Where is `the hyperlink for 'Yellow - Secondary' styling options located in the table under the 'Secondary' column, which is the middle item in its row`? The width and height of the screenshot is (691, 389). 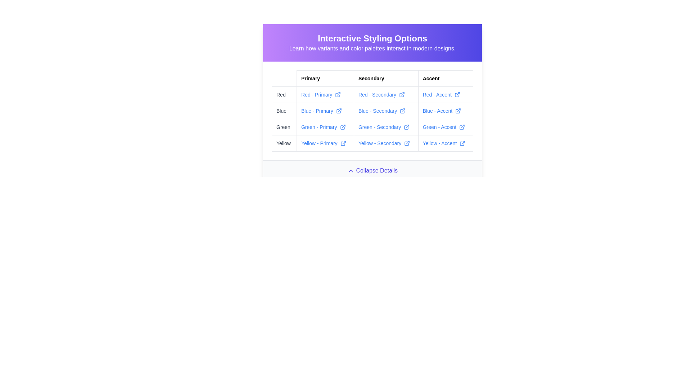 the hyperlink for 'Yellow - Secondary' styling options located in the table under the 'Secondary' column, which is the middle item in its row is located at coordinates (385, 143).